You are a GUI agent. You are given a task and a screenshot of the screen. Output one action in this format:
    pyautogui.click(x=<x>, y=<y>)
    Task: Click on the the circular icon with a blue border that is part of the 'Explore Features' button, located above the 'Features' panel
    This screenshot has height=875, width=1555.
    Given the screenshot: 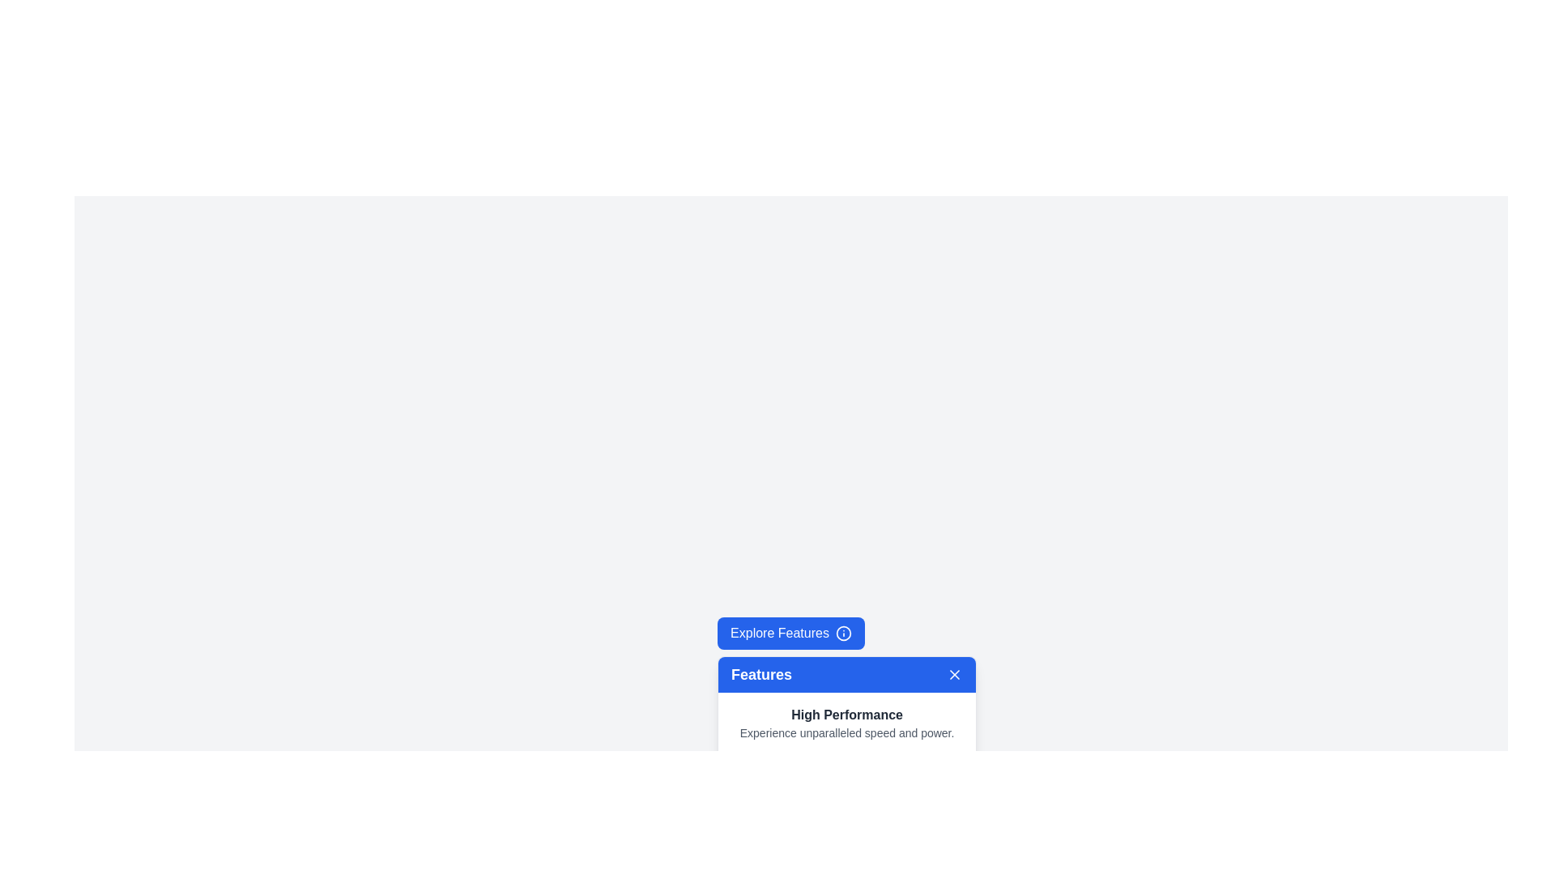 What is the action you would take?
    pyautogui.click(x=842, y=633)
    